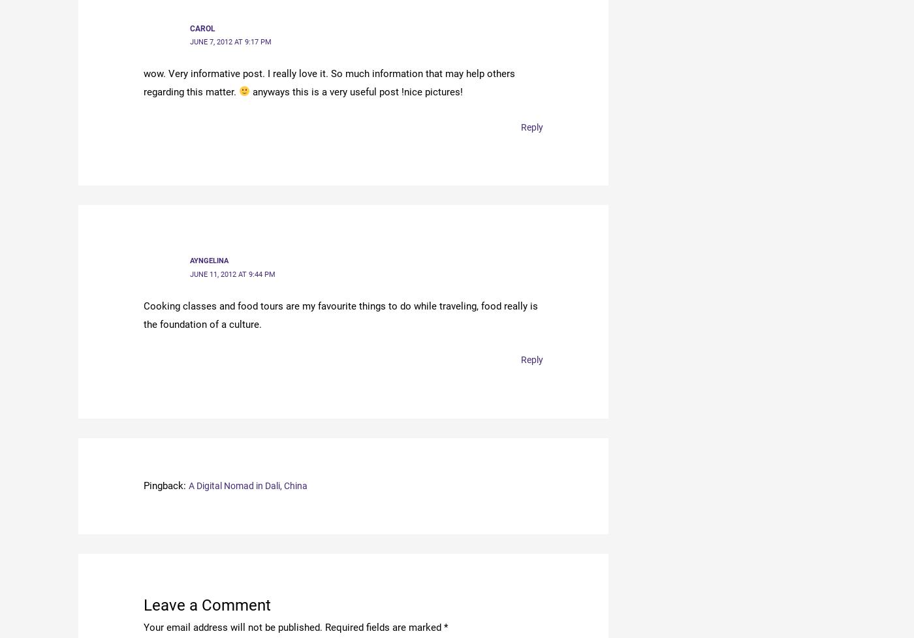  What do you see at coordinates (233, 625) in the screenshot?
I see `'Your email address will not be published.'` at bounding box center [233, 625].